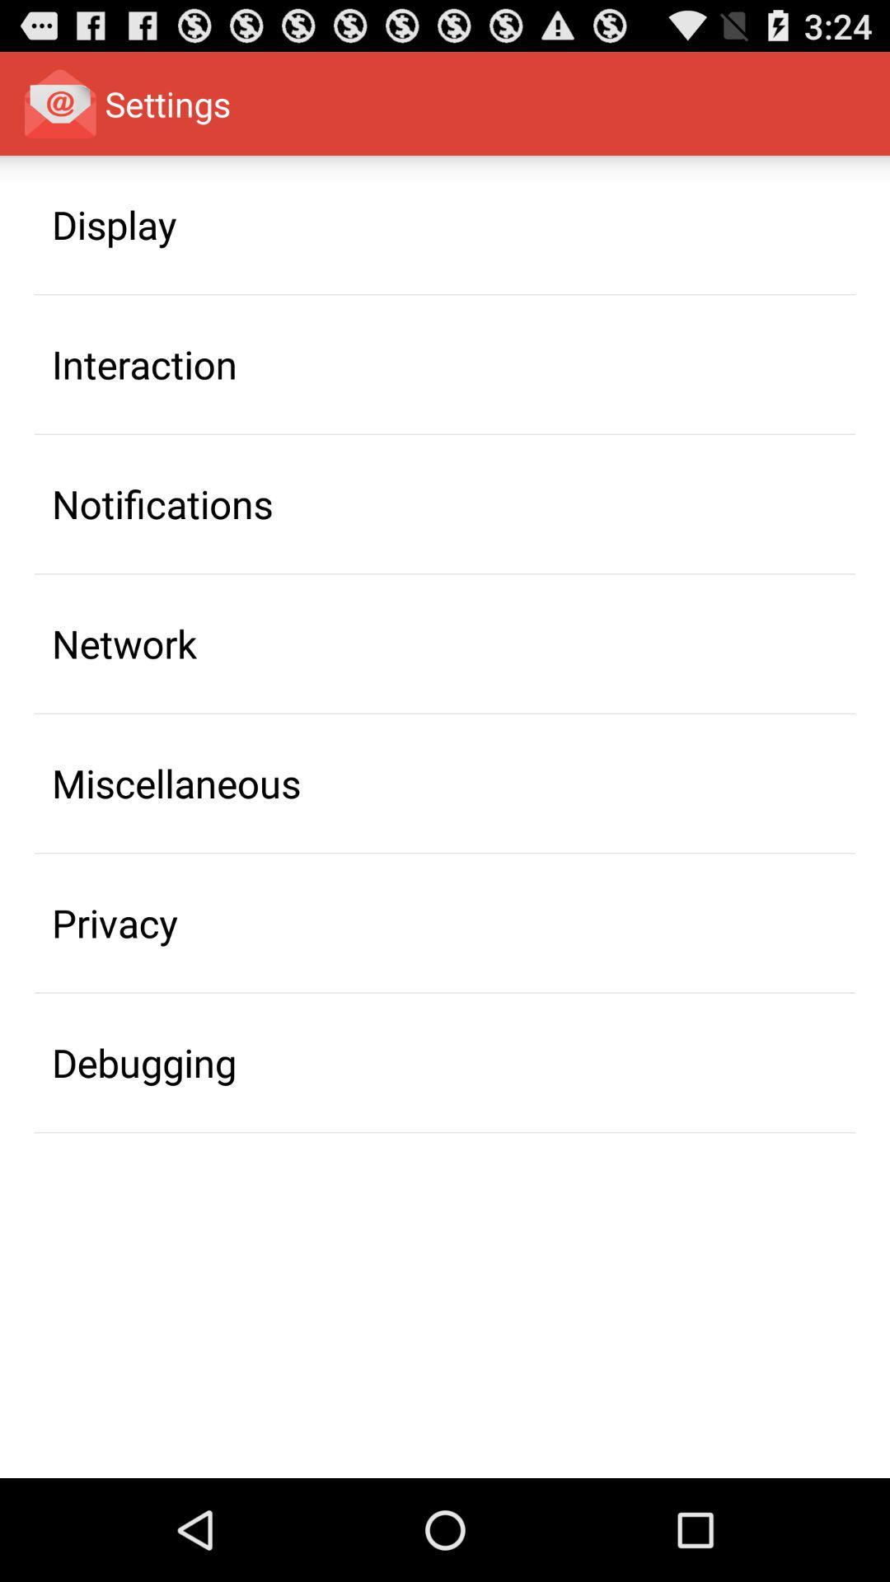  What do you see at coordinates (176, 782) in the screenshot?
I see `the app below the network` at bounding box center [176, 782].